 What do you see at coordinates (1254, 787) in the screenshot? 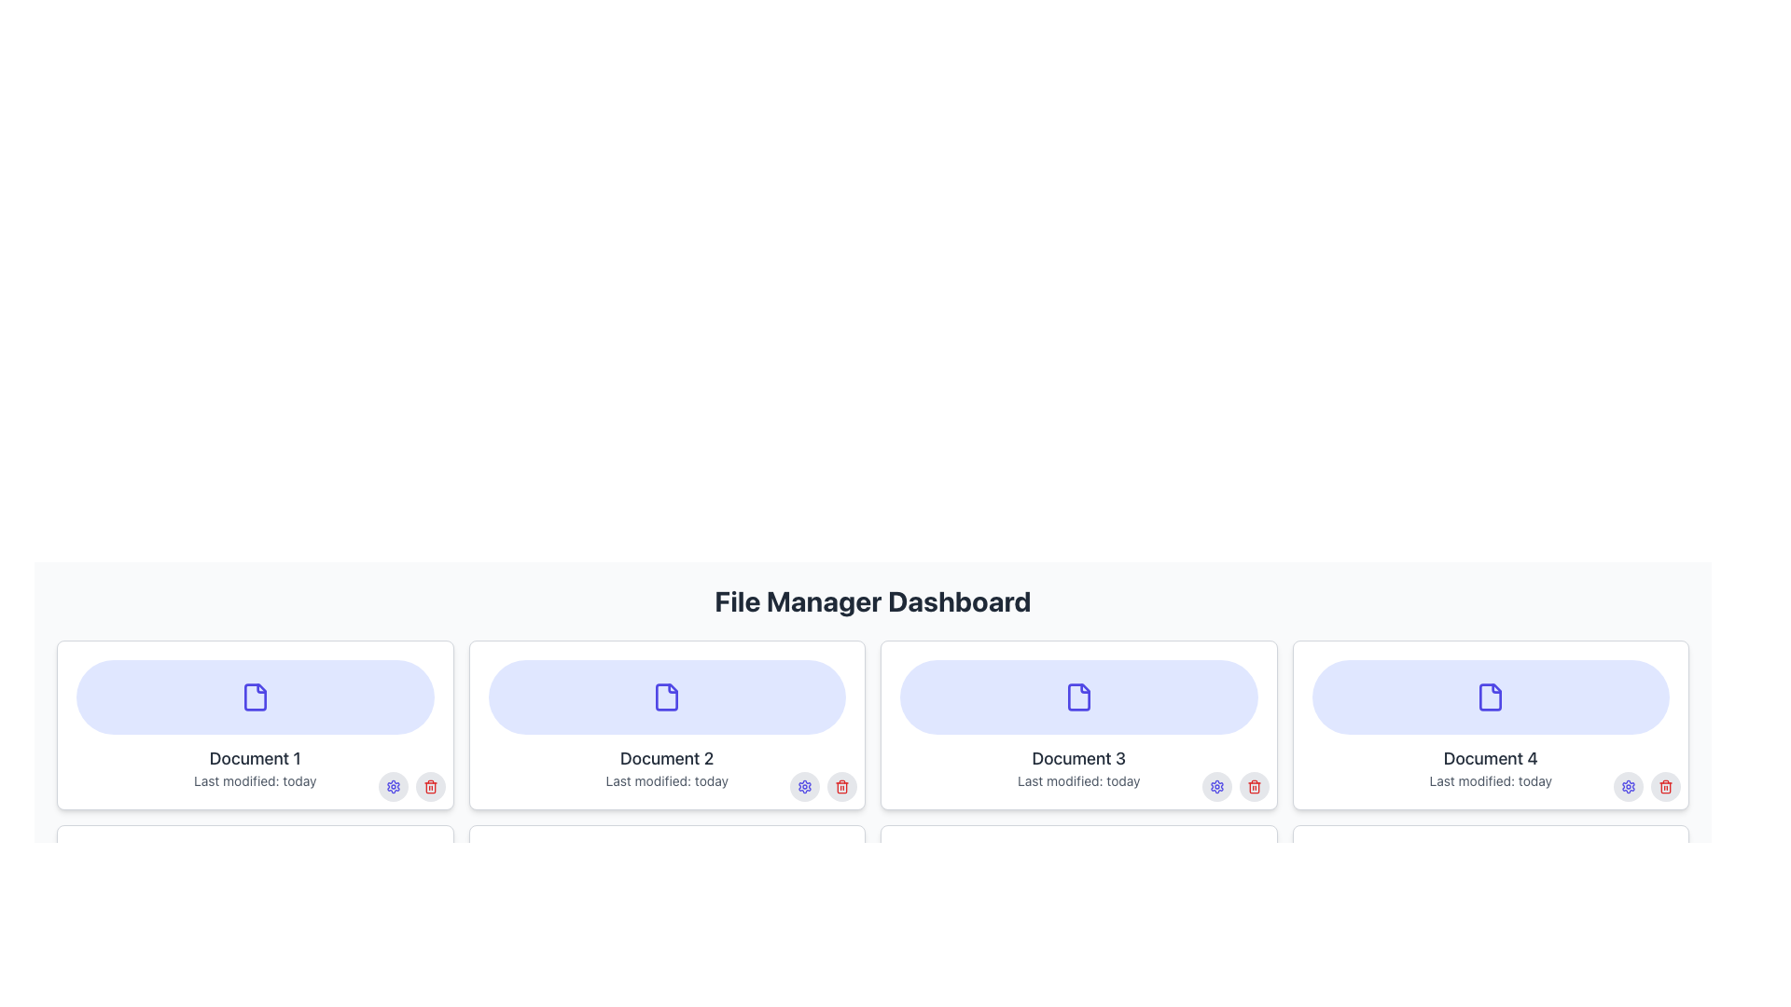
I see `the delete button/icon located in the bottom-right corner of the 'Document 3' card` at bounding box center [1254, 787].